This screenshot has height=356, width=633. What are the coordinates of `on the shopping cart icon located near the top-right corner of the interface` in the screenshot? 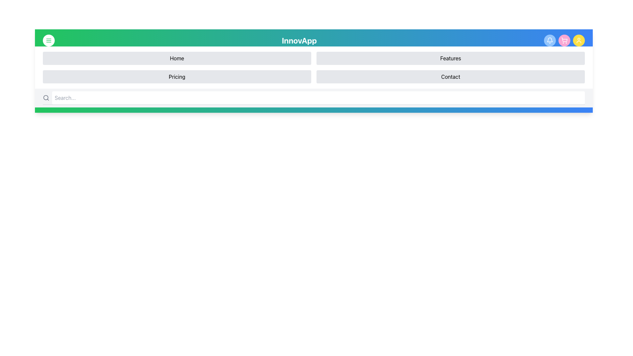 It's located at (564, 40).